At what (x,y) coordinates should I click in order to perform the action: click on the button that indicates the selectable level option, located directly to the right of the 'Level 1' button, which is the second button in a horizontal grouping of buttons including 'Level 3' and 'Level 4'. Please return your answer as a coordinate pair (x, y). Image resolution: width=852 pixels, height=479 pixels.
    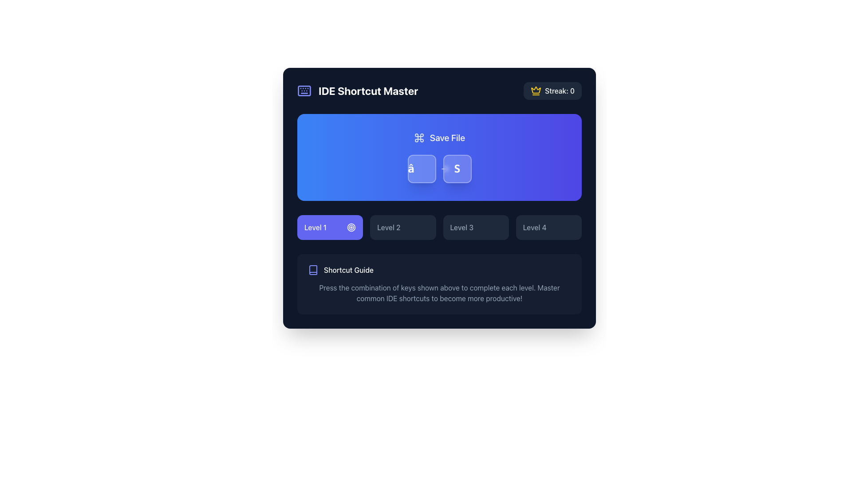
    Looking at the image, I should click on (402, 227).